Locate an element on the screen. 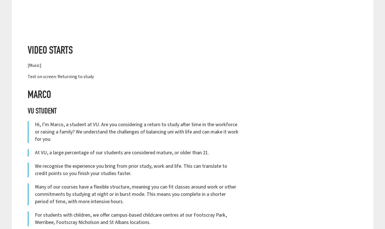 The width and height of the screenshot is (385, 229). 'Text on screen: Returning to study' is located at coordinates (60, 76).